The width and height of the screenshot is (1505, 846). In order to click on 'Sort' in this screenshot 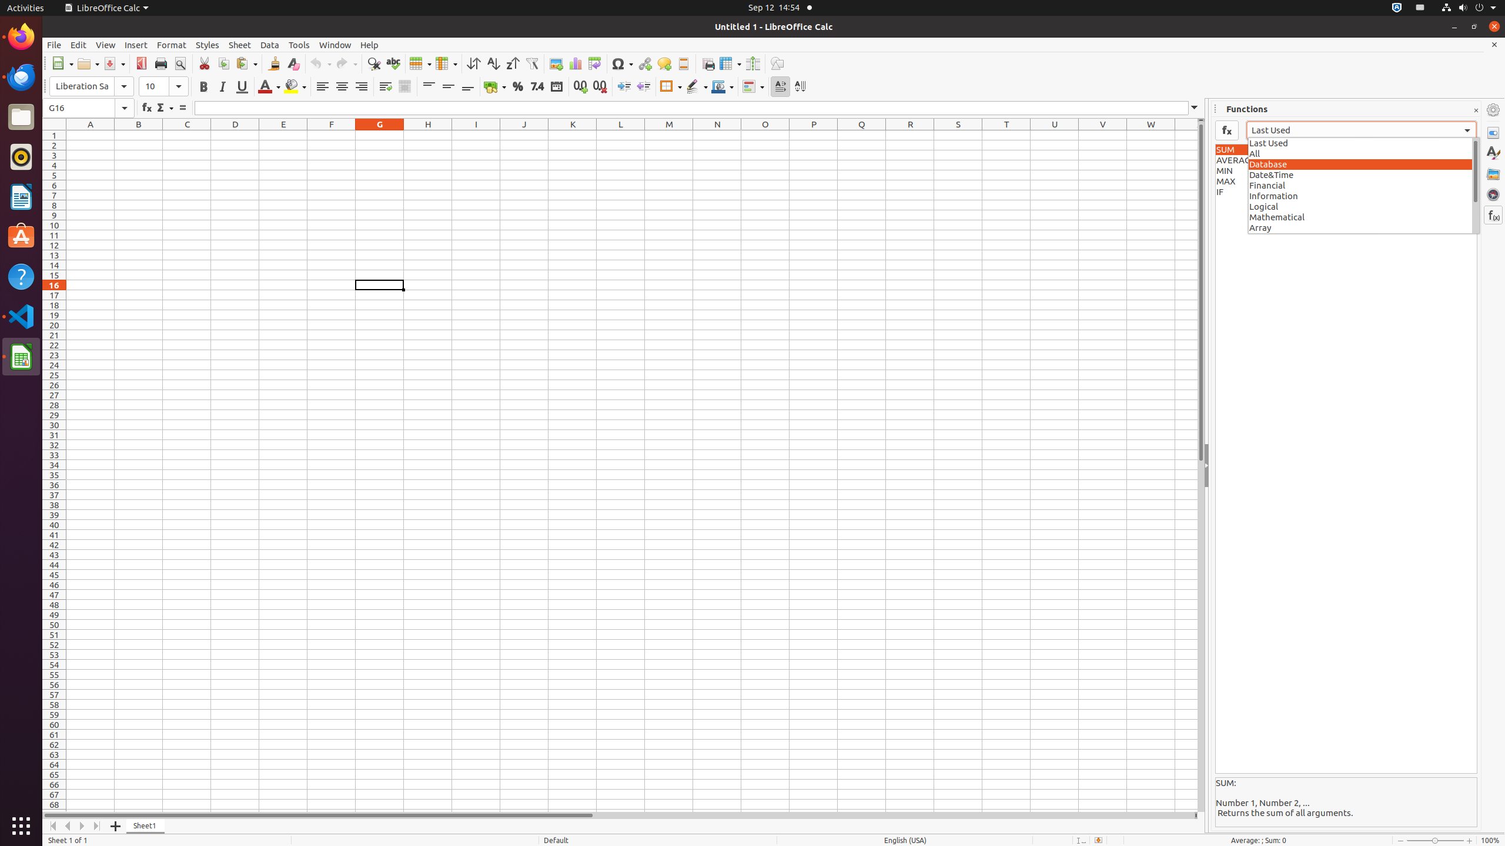, I will do `click(473, 63)`.